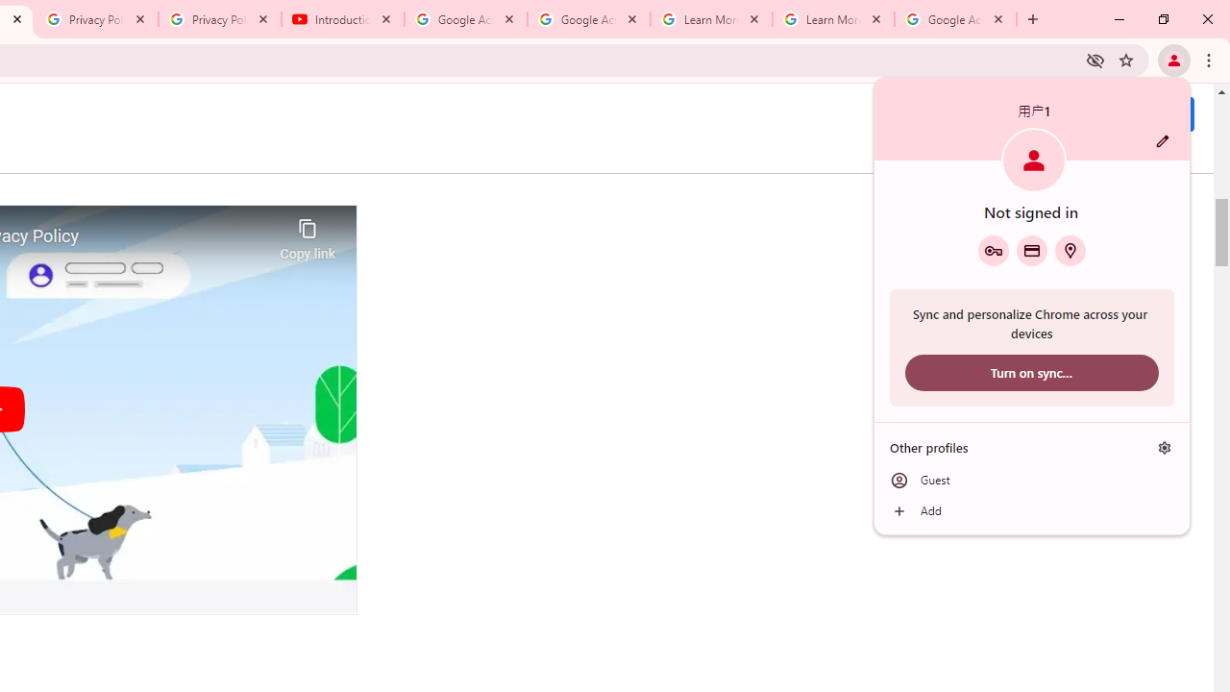 Image resolution: width=1230 pixels, height=692 pixels. Describe the element at coordinates (307, 234) in the screenshot. I see `'Copy link'` at that location.